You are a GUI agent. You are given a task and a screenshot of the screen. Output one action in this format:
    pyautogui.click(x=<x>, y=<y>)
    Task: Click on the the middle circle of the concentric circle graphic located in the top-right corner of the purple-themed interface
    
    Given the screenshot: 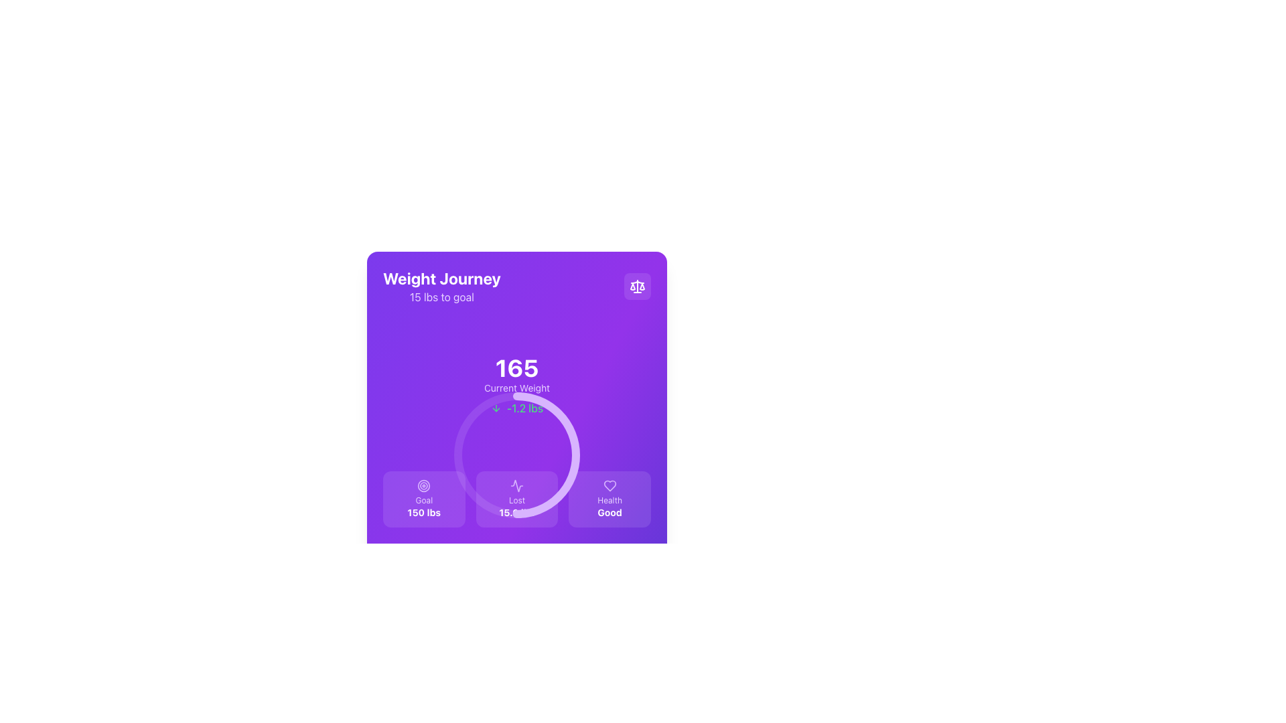 What is the action you would take?
    pyautogui.click(x=423, y=485)
    